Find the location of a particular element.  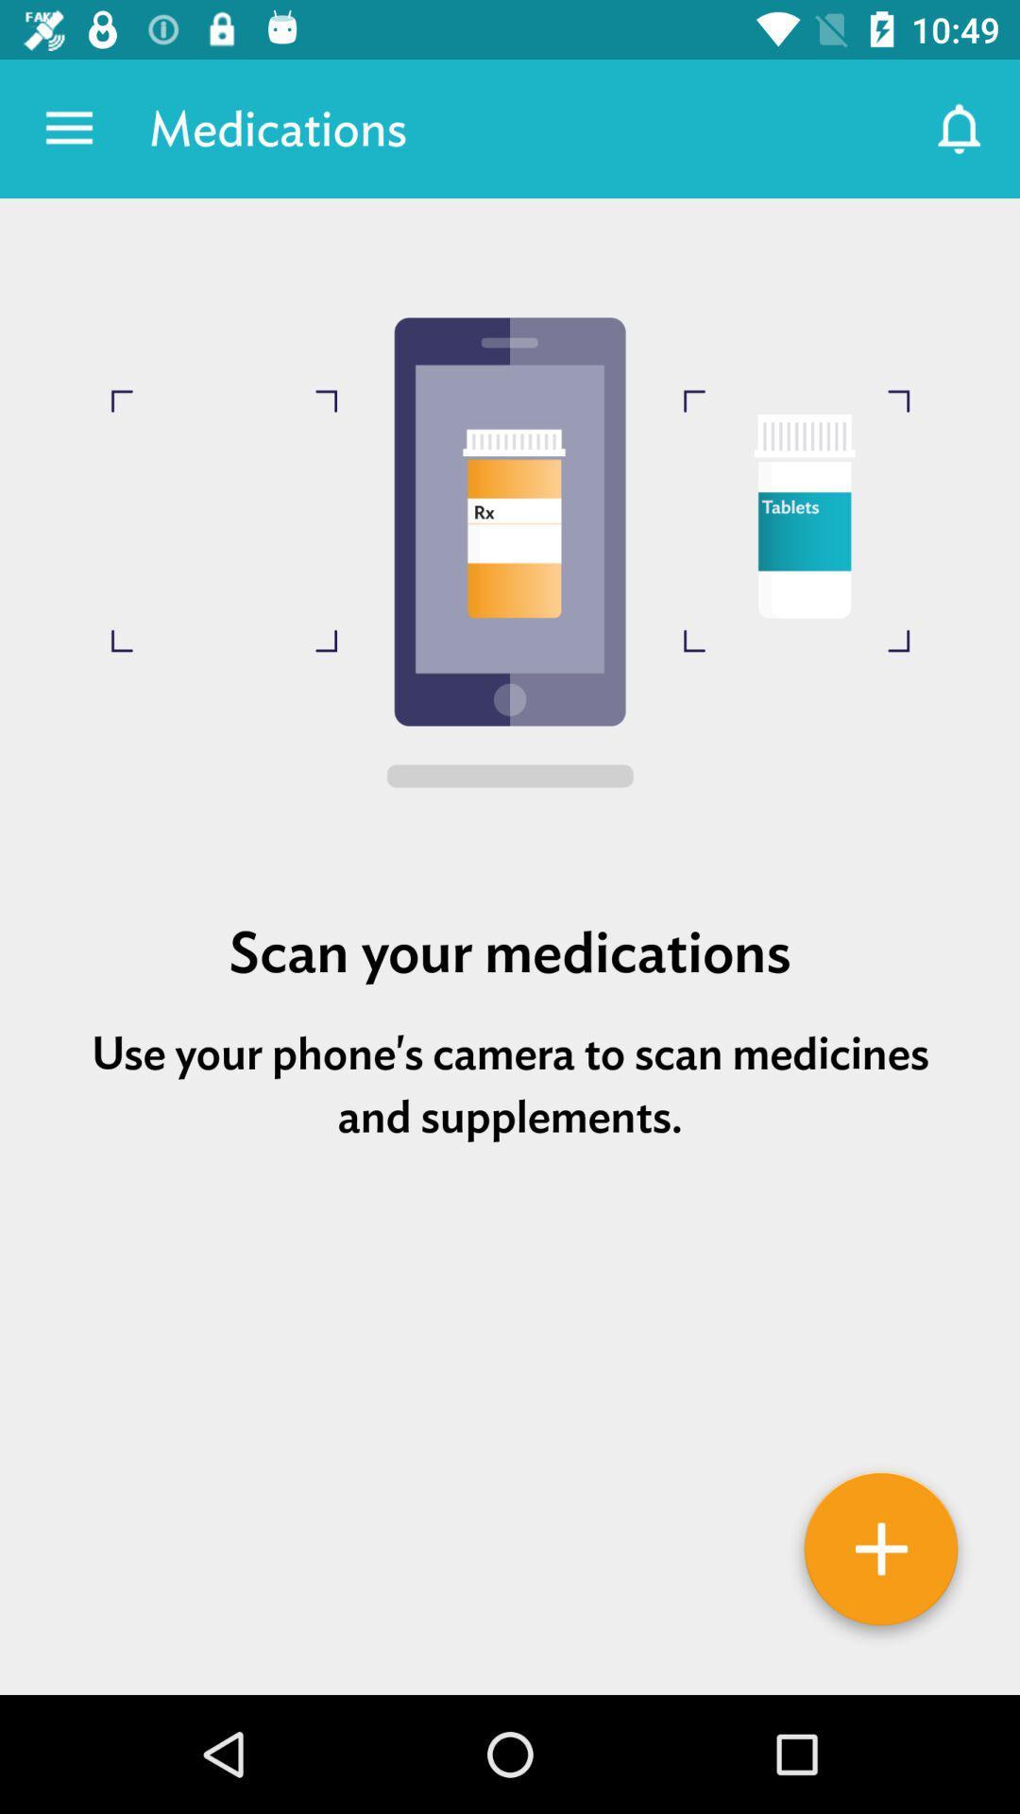

the icon next to the medications item is located at coordinates (960, 128).